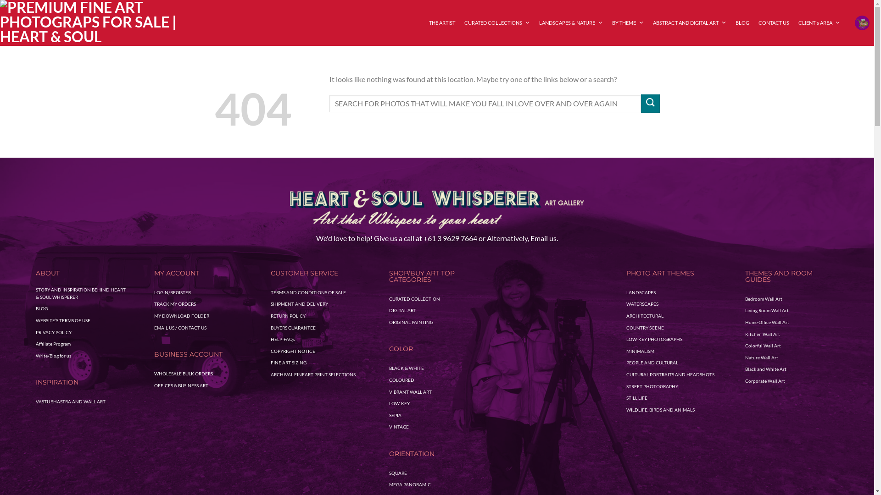 The height and width of the screenshot is (495, 881). Describe the element at coordinates (181, 385) in the screenshot. I see `'OFFICES & BUSINESS ART'` at that location.